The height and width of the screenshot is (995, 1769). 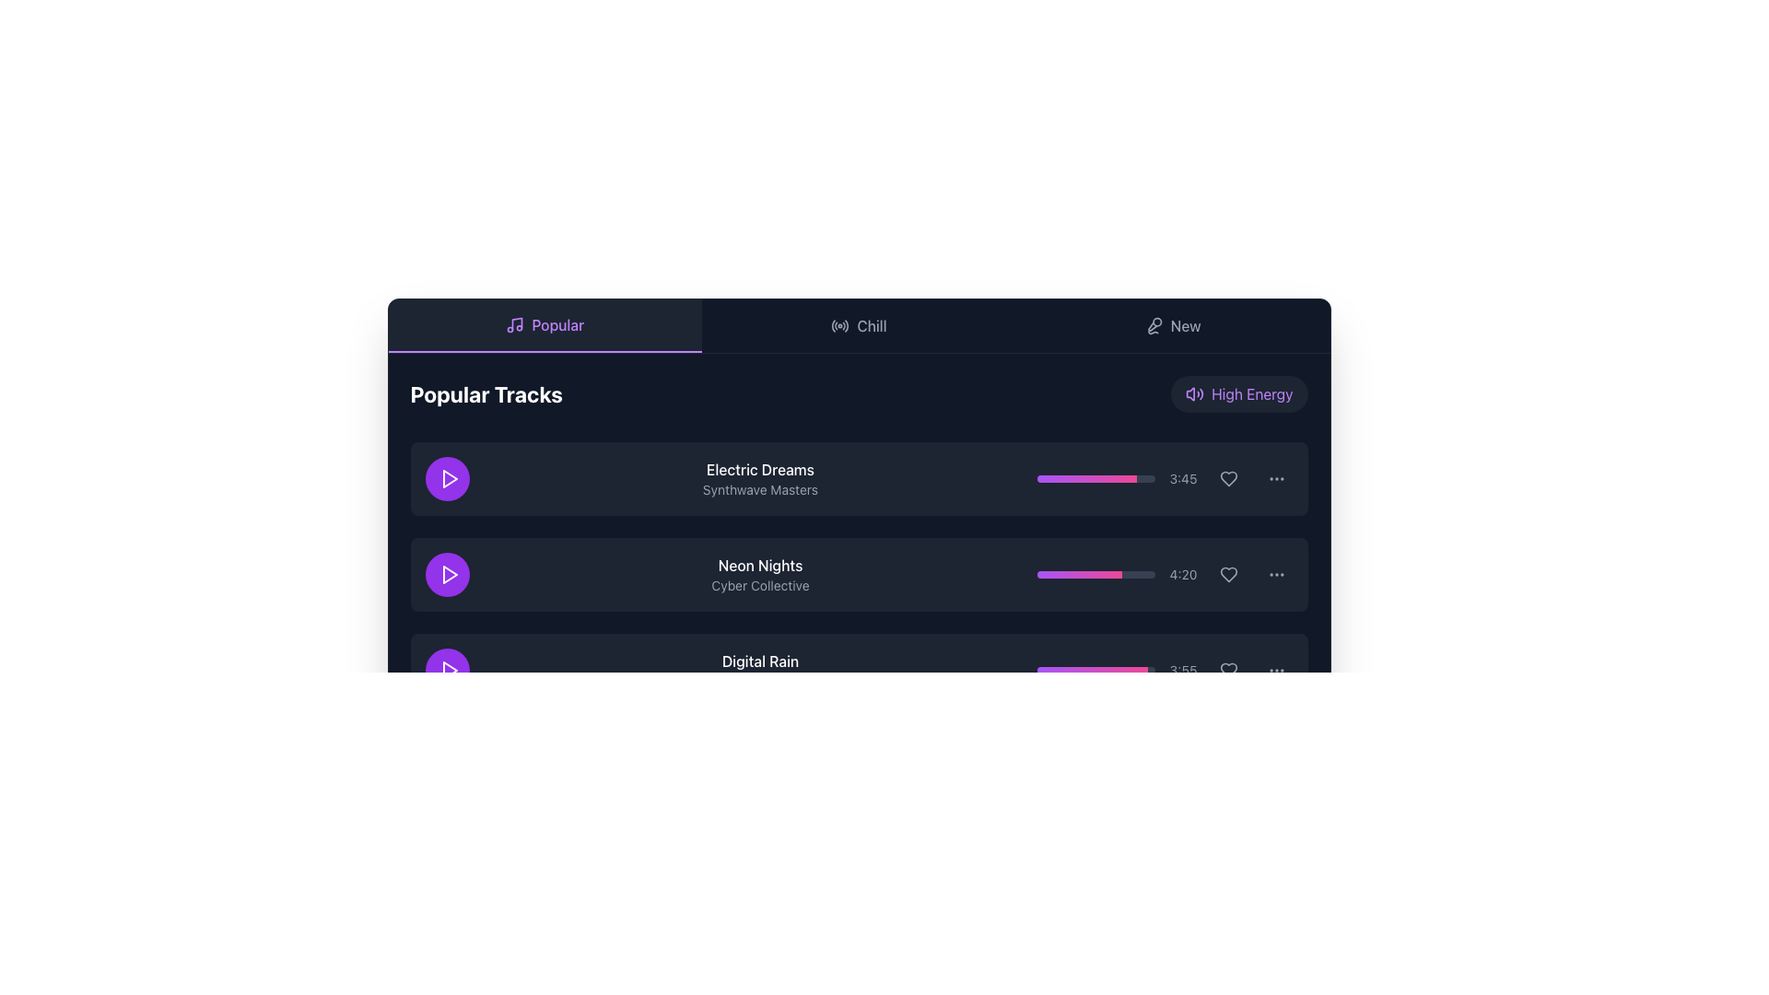 What do you see at coordinates (760, 574) in the screenshot?
I see `text details of the title 'Neon Nights' and the artist 'Cyber Collective' displayed in the central text label of the music track UI element` at bounding box center [760, 574].